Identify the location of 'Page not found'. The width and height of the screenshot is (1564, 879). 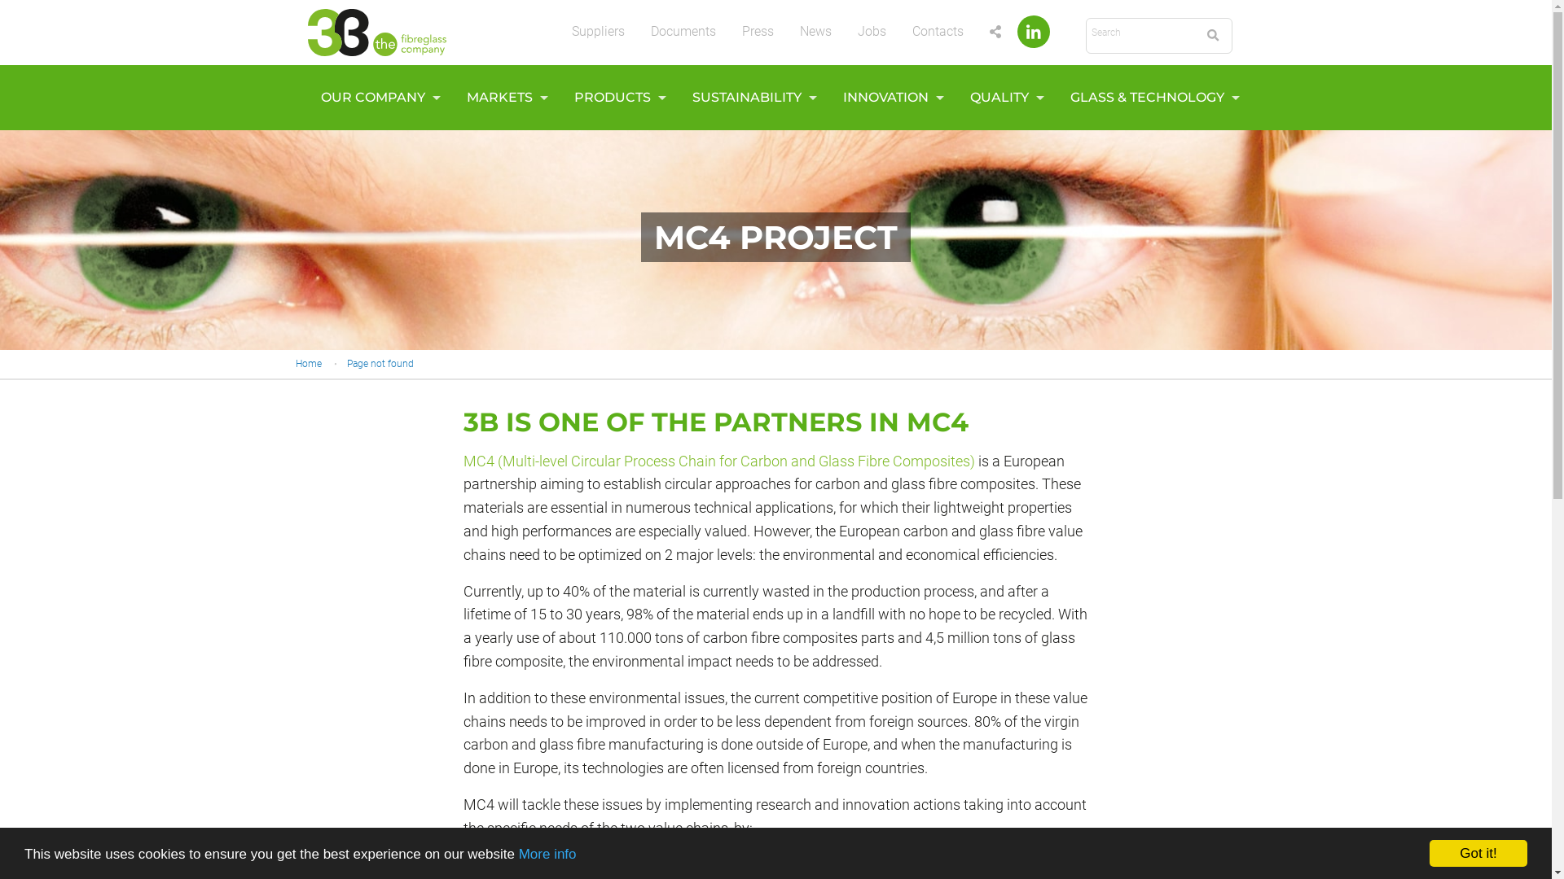
(379, 363).